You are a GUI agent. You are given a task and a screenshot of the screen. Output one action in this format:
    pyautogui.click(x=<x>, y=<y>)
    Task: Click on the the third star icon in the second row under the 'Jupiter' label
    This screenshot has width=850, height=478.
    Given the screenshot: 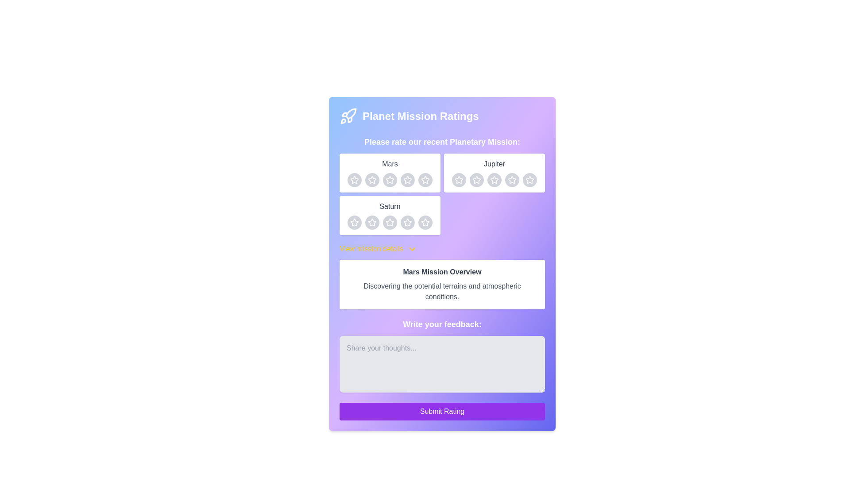 What is the action you would take?
    pyautogui.click(x=476, y=180)
    